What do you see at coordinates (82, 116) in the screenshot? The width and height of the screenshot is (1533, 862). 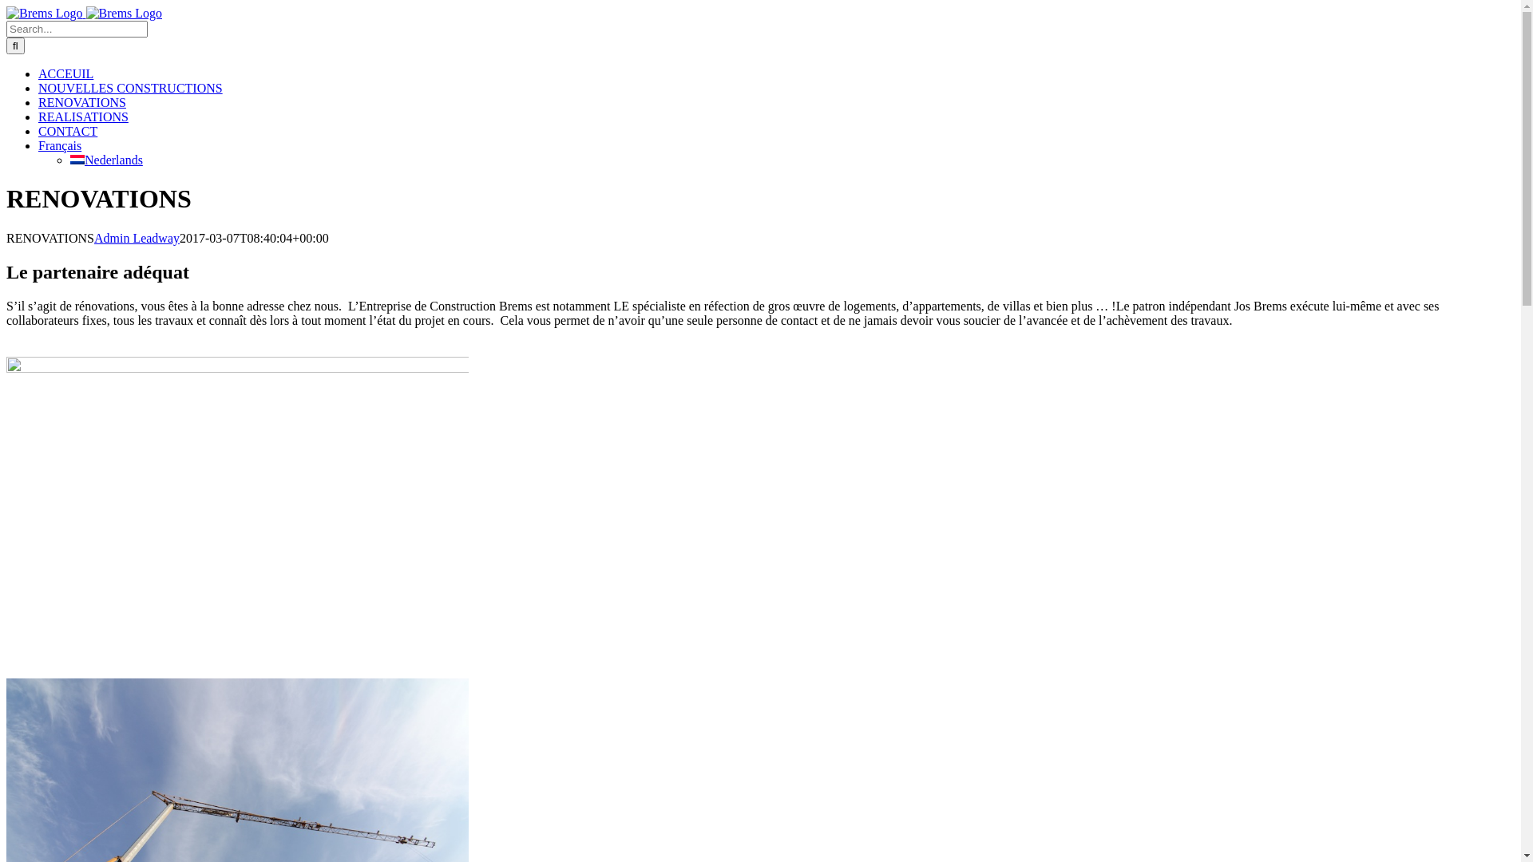 I see `'REALISATIONS'` at bounding box center [82, 116].